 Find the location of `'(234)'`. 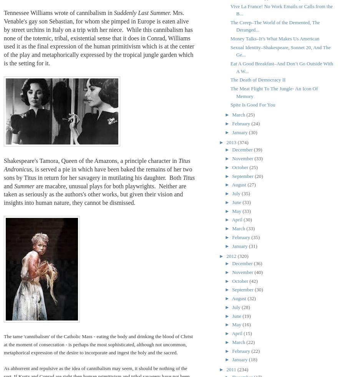

'(234)' is located at coordinates (237, 369).